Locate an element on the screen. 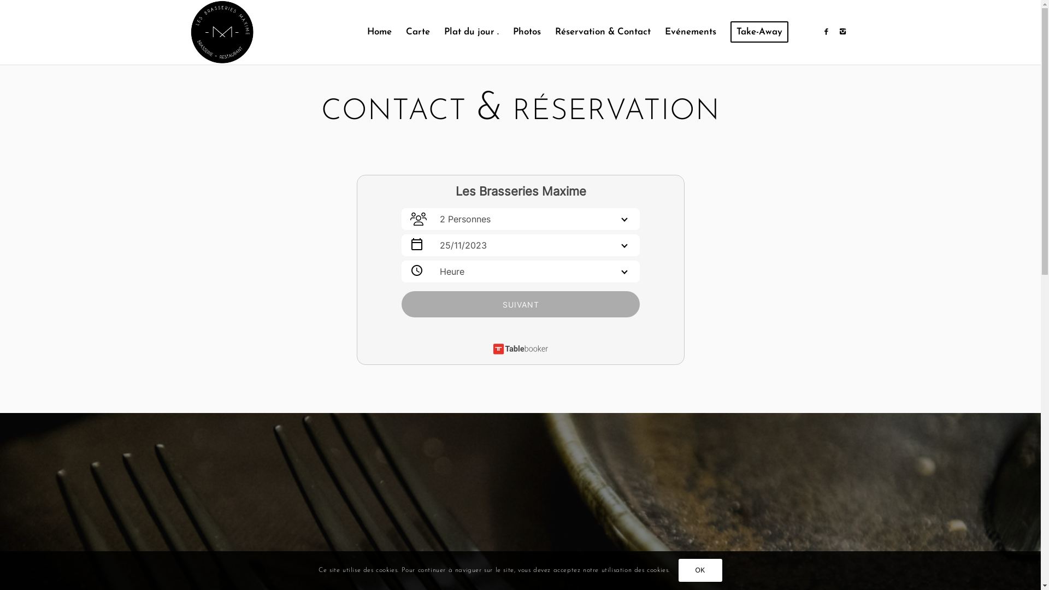 This screenshot has width=1049, height=590. 'Take-Away' is located at coordinates (723, 31).